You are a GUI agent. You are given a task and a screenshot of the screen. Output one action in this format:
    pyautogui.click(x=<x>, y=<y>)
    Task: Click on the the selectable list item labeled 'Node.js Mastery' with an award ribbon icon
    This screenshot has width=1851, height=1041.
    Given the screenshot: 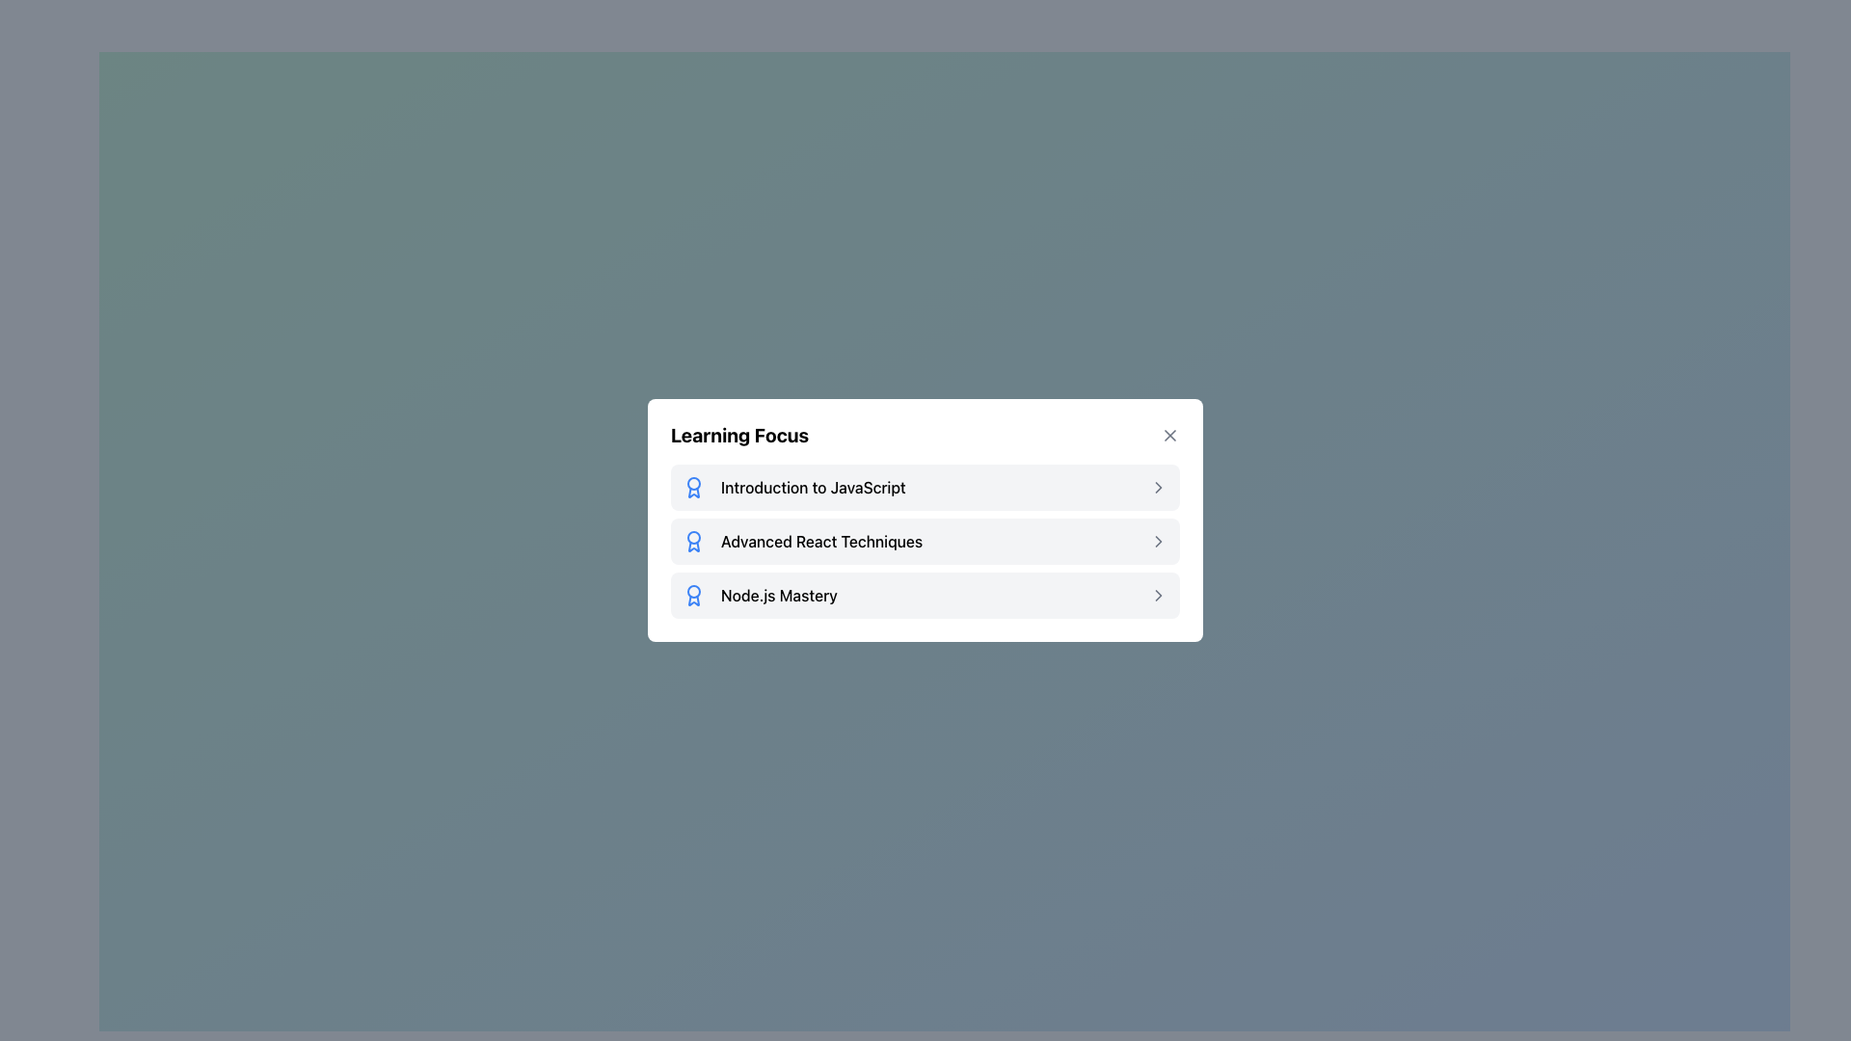 What is the action you would take?
    pyautogui.click(x=758, y=594)
    